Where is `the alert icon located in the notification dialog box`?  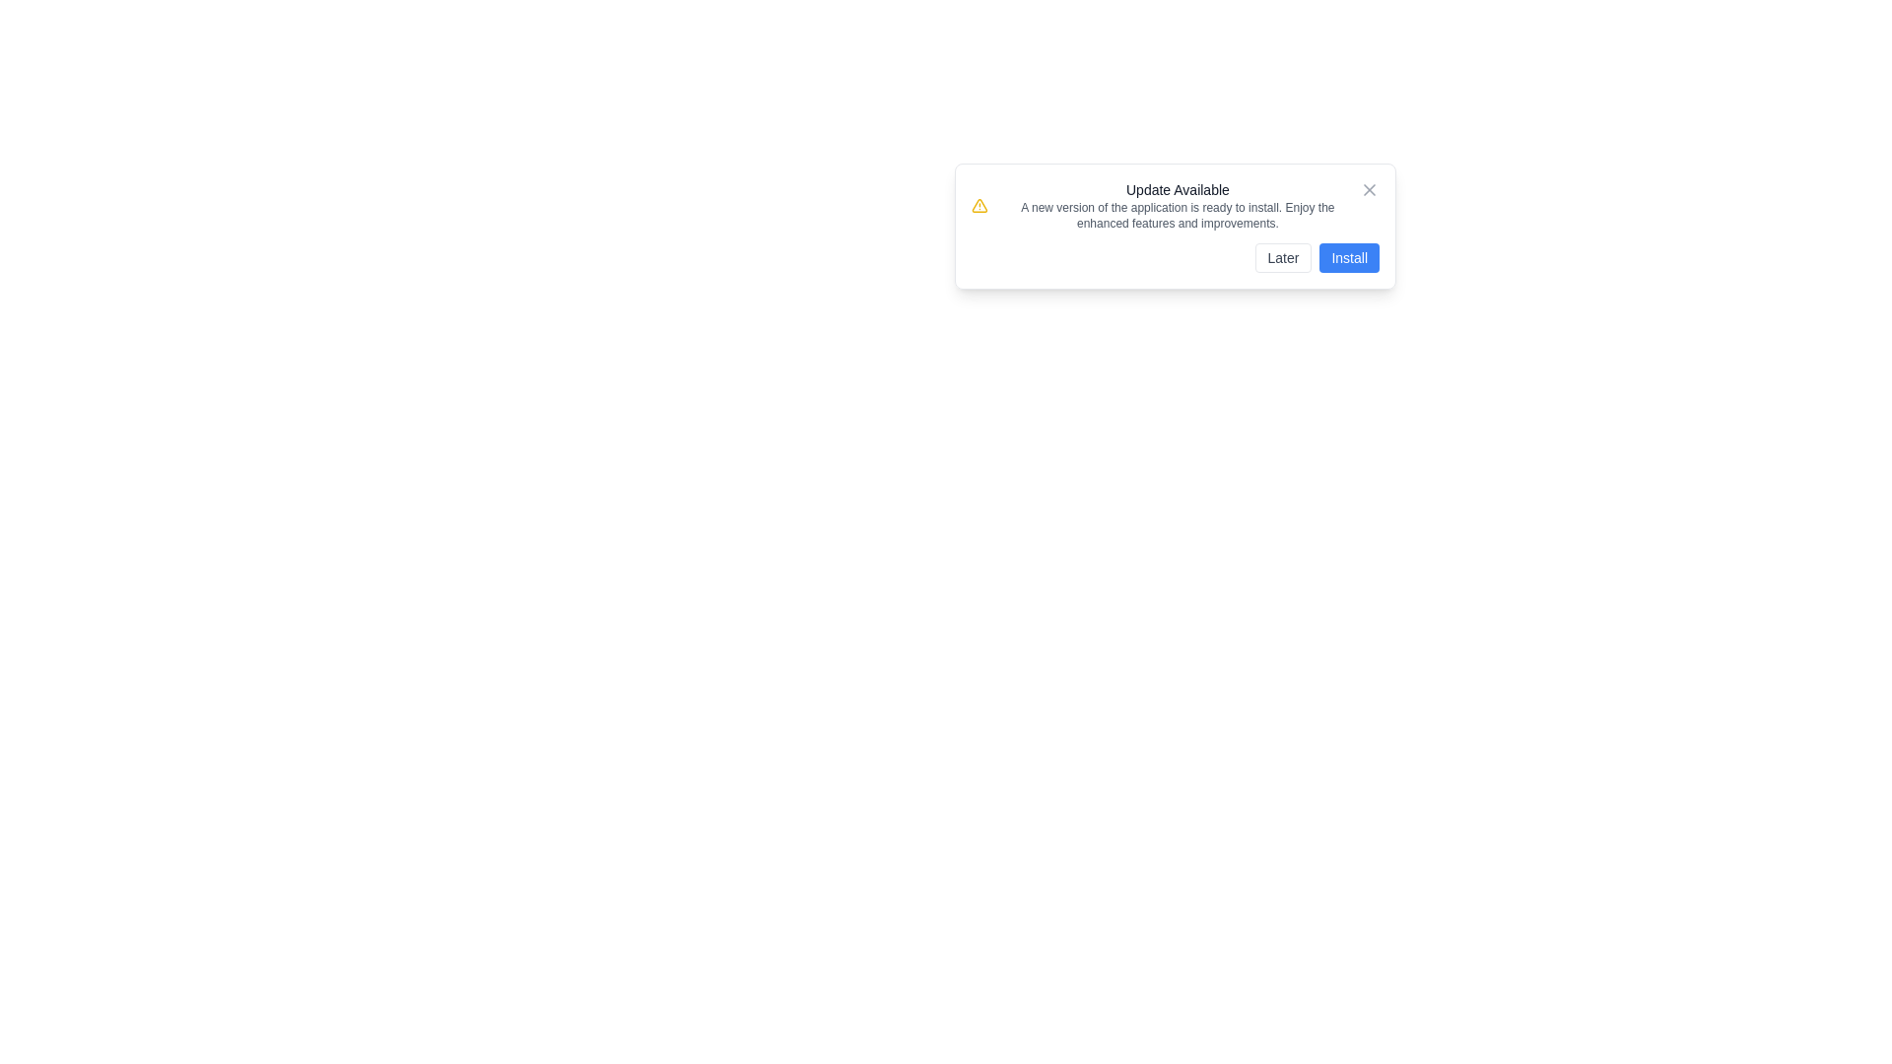
the alert icon located in the notification dialog box is located at coordinates (980, 205).